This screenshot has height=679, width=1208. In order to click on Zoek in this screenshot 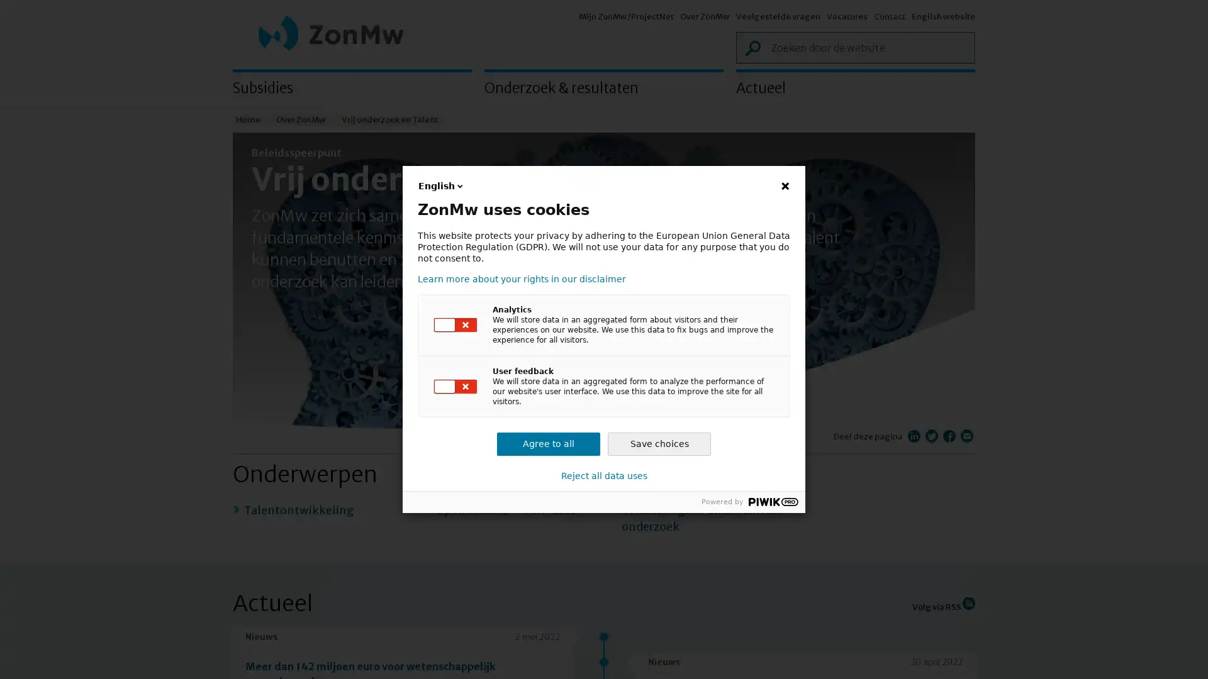, I will do `click(752, 47)`.